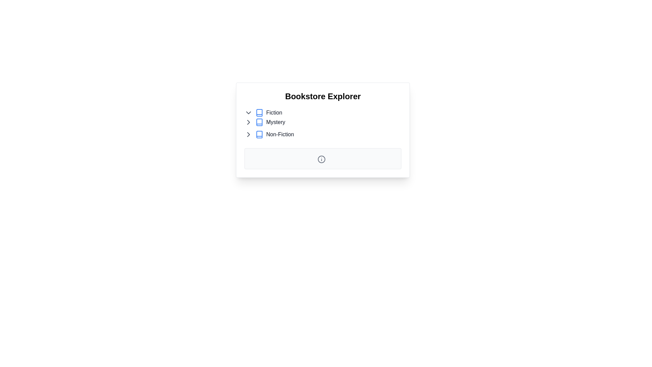 Image resolution: width=652 pixels, height=367 pixels. What do you see at coordinates (275, 122) in the screenshot?
I see `the 'Mystery' text label, which represents a subcategory under 'Fiction'` at bounding box center [275, 122].